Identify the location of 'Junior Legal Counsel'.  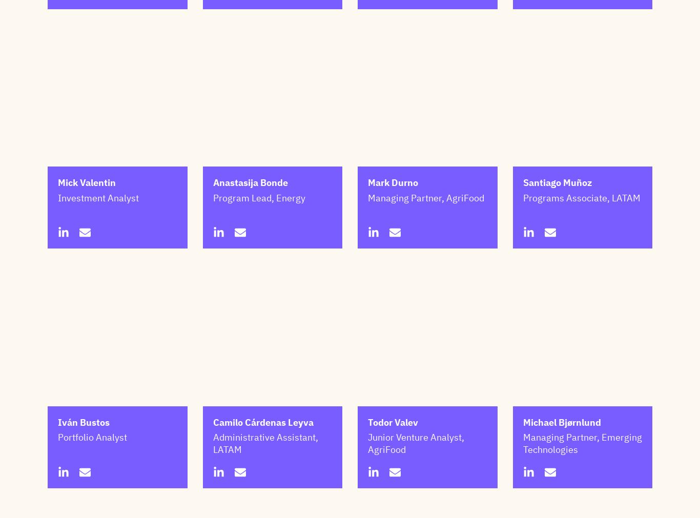
(255, 9).